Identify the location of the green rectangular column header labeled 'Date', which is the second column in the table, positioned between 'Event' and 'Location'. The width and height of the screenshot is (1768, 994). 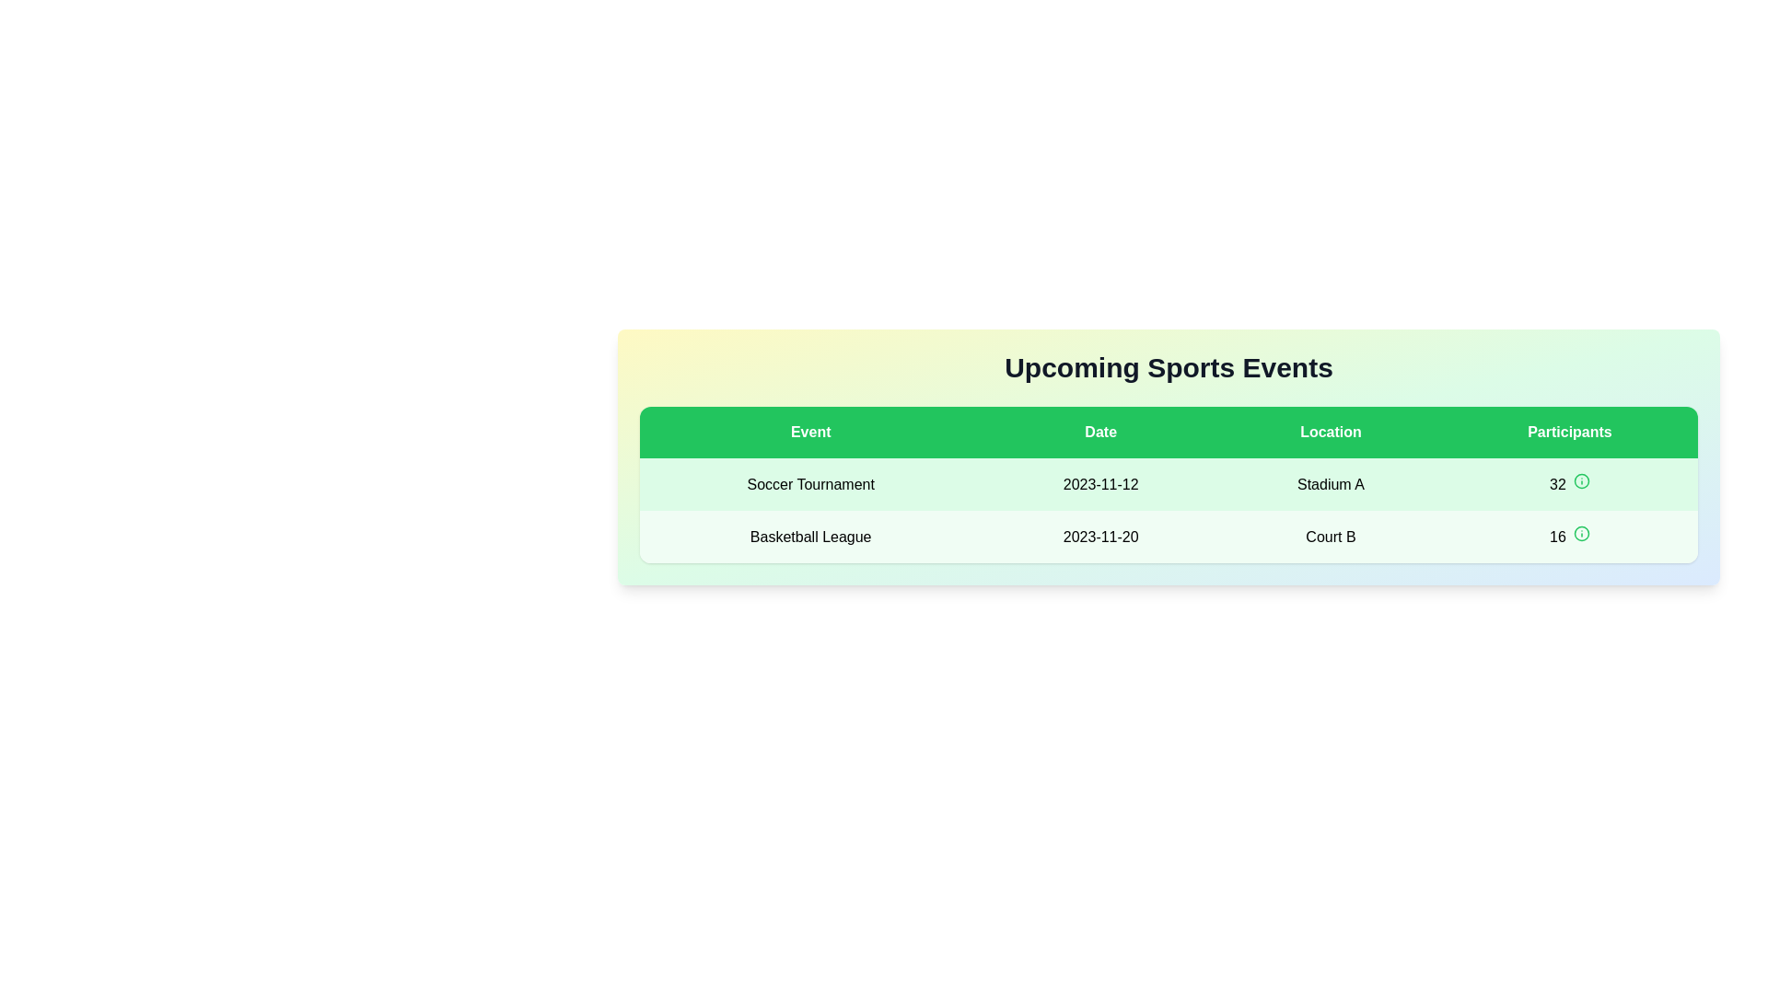
(1100, 433).